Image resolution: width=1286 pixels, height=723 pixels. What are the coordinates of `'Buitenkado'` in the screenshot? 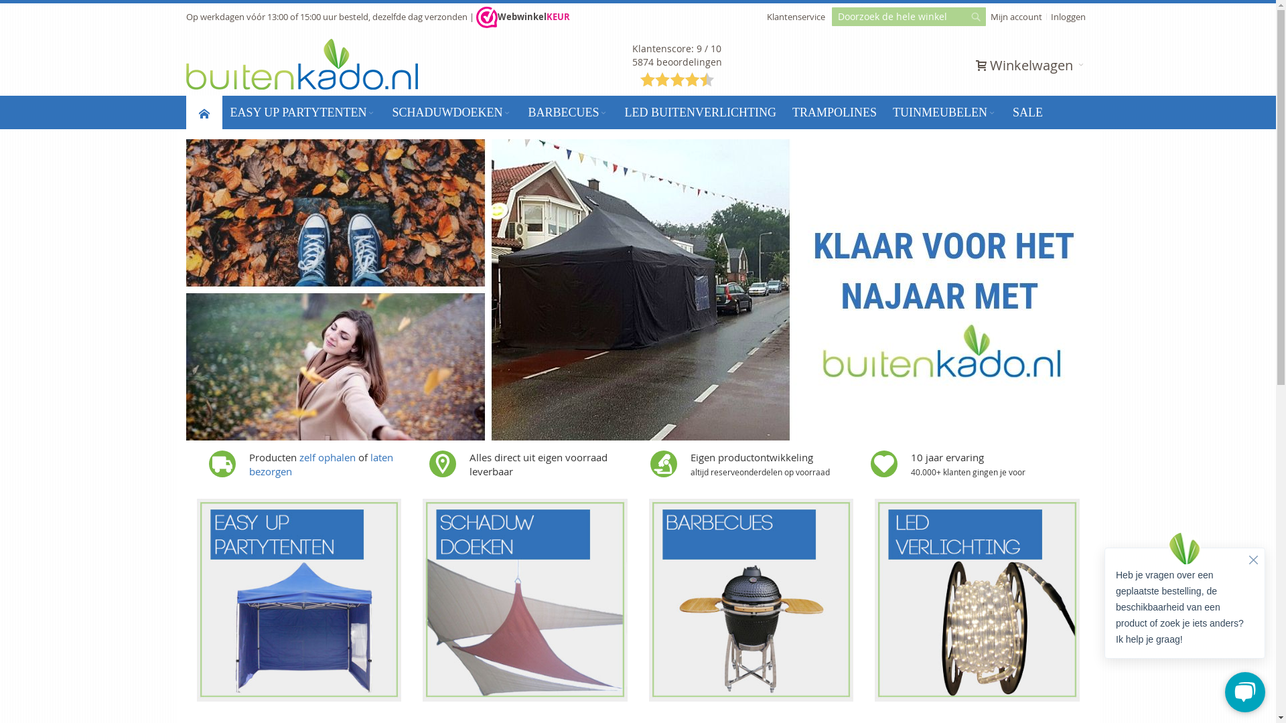 It's located at (301, 64).